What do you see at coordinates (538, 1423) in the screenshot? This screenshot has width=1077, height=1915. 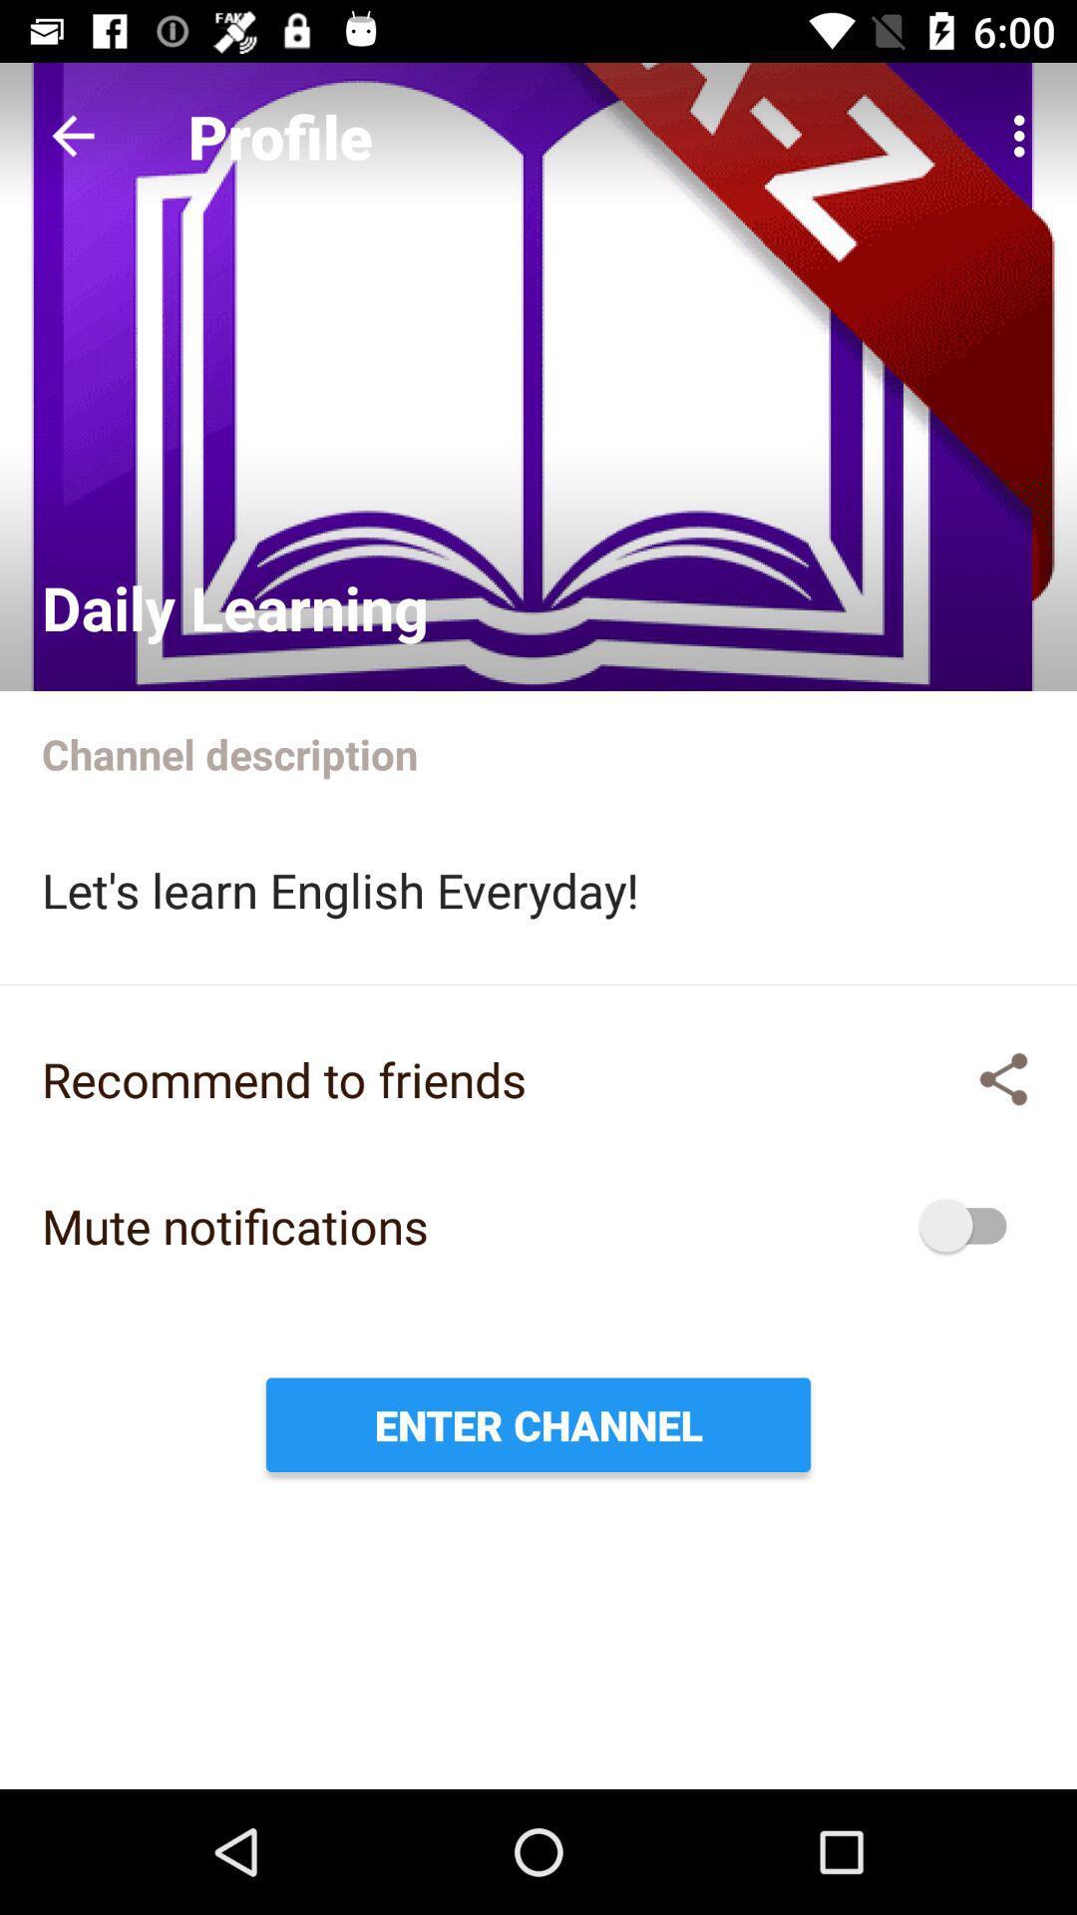 I see `enter channel` at bounding box center [538, 1423].